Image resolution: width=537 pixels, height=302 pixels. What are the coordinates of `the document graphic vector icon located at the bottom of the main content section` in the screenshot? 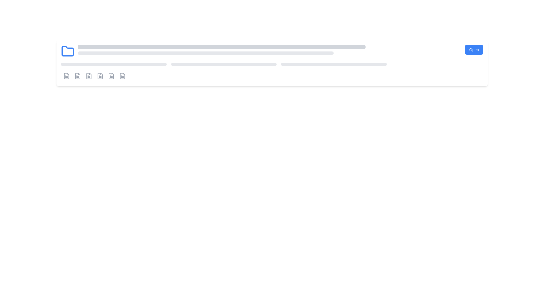 It's located at (100, 76).